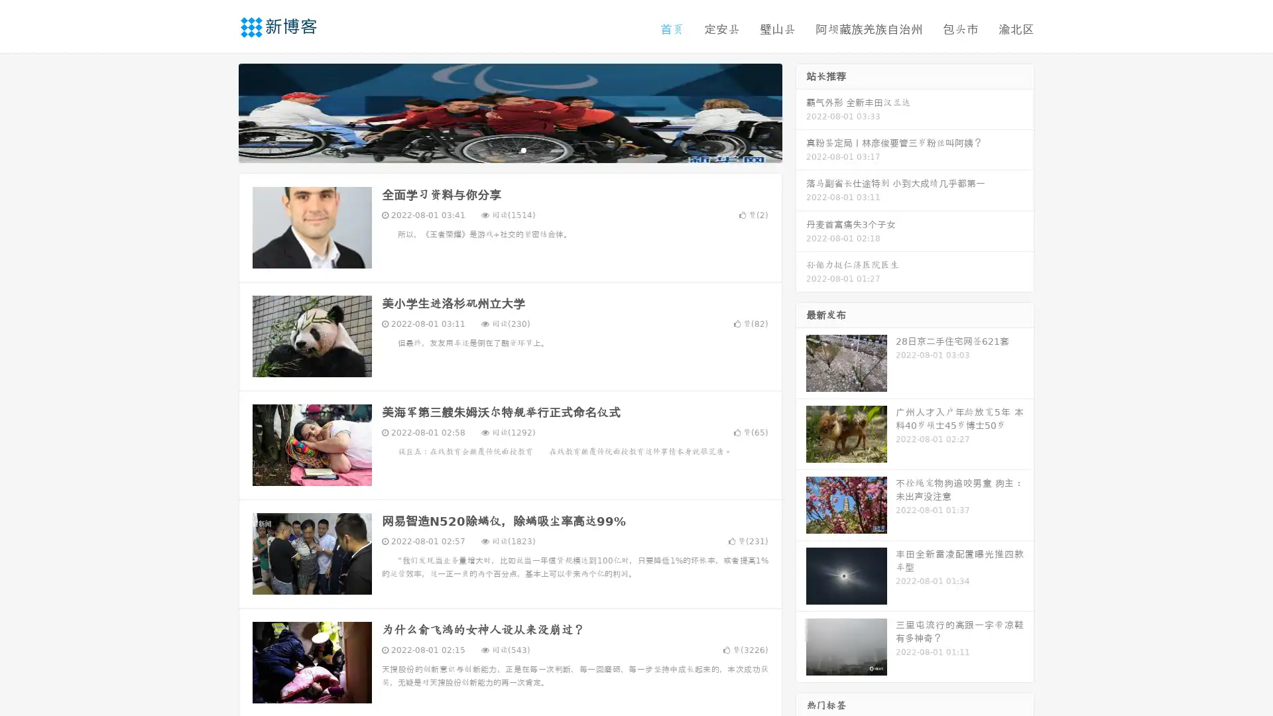 This screenshot has height=716, width=1273. What do you see at coordinates (509, 149) in the screenshot?
I see `Go to slide 2` at bounding box center [509, 149].